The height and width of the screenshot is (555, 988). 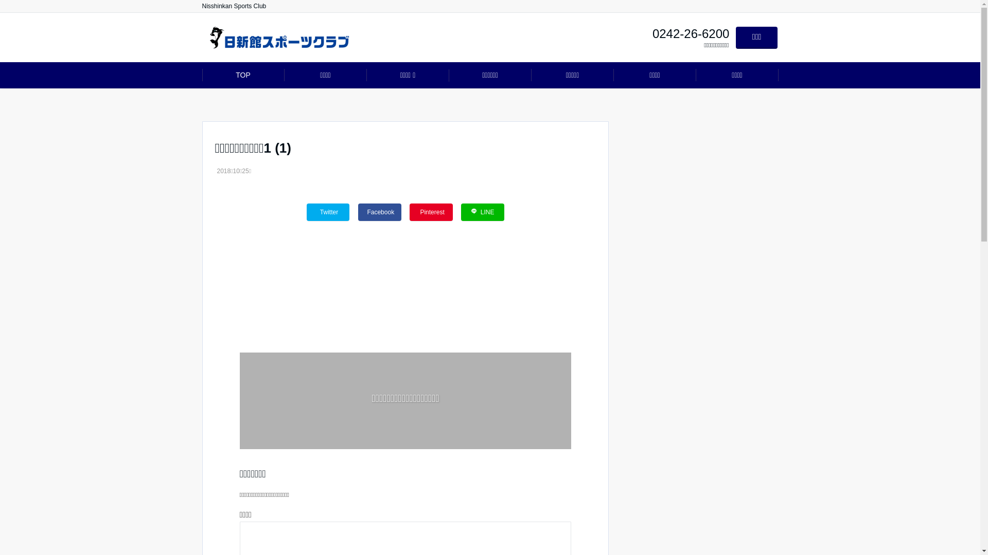 What do you see at coordinates (379, 211) in the screenshot?
I see `'Facebook'` at bounding box center [379, 211].